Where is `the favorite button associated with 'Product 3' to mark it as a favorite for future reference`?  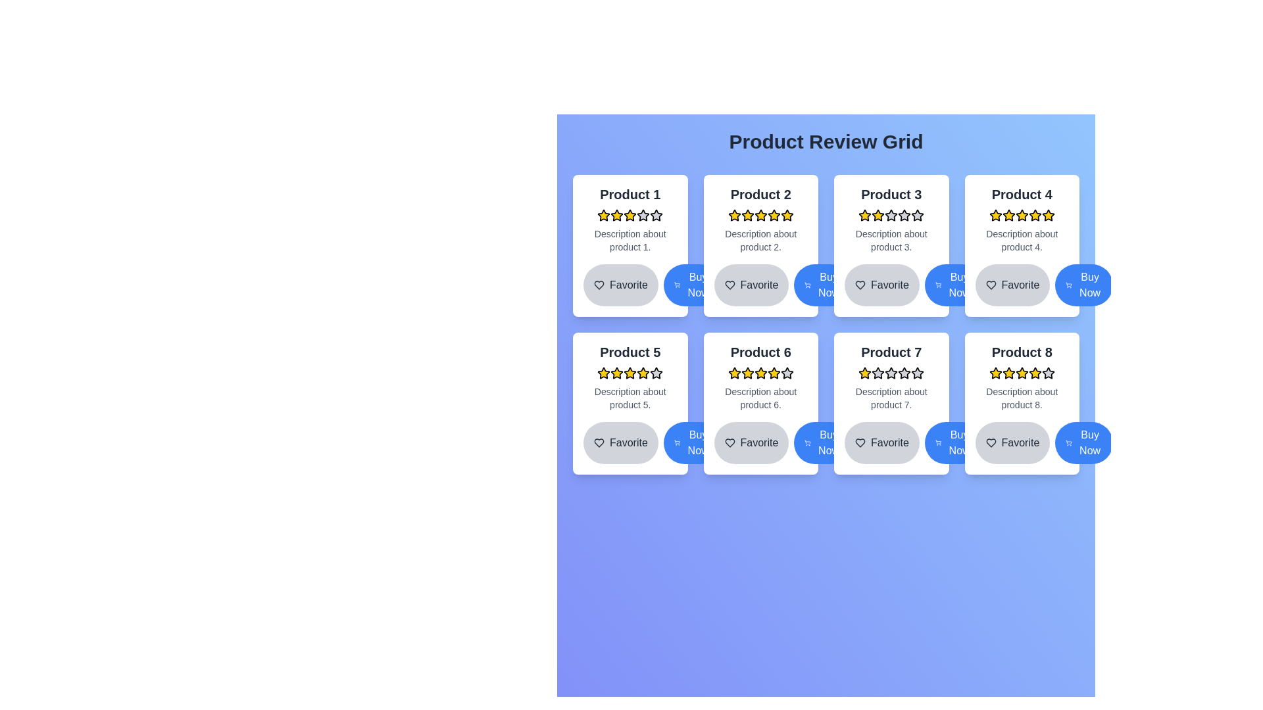 the favorite button associated with 'Product 3' to mark it as a favorite for future reference is located at coordinates (881, 285).